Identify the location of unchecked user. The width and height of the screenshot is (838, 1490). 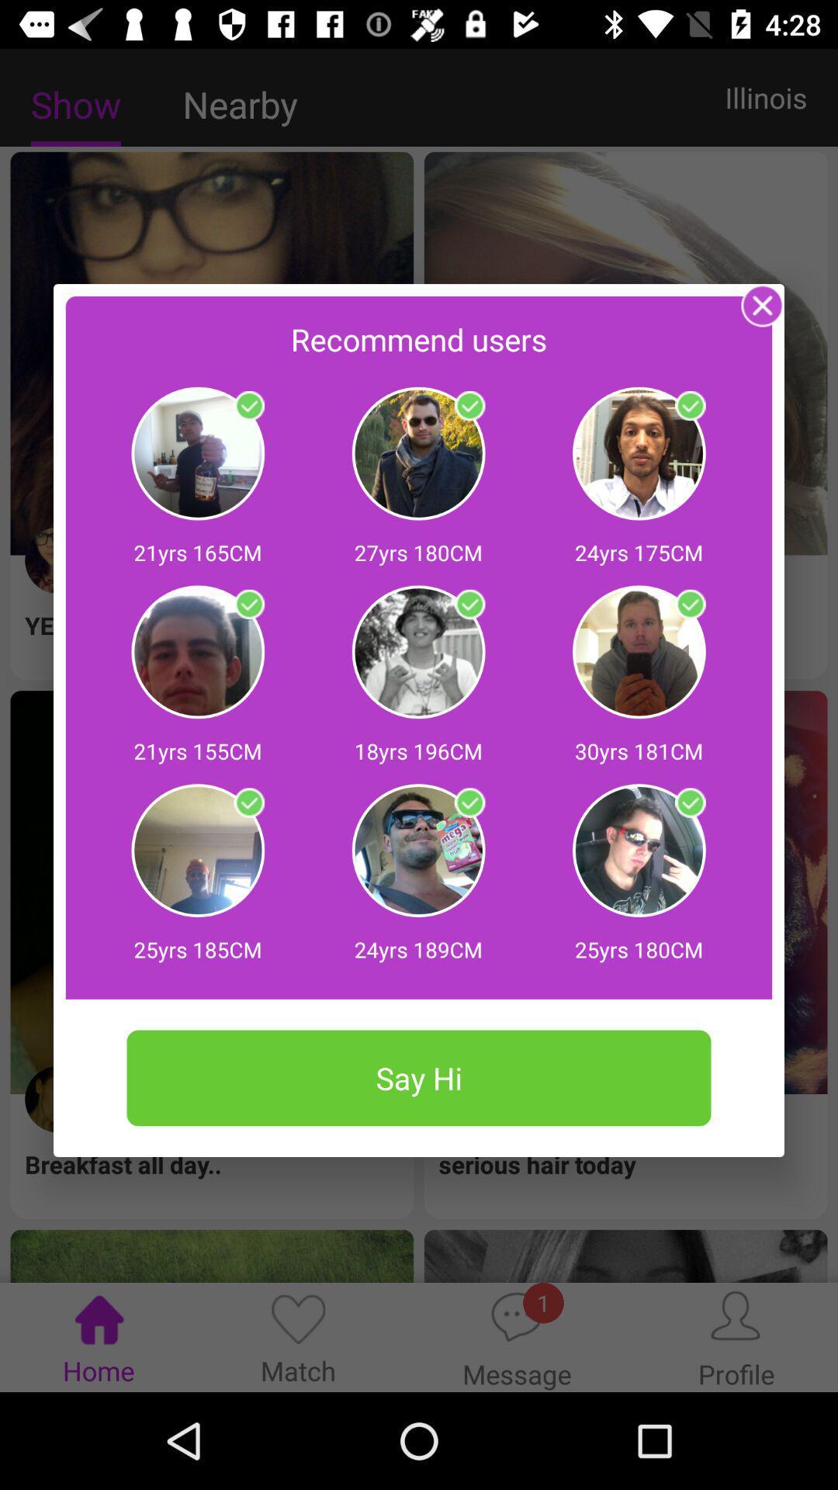
(469, 803).